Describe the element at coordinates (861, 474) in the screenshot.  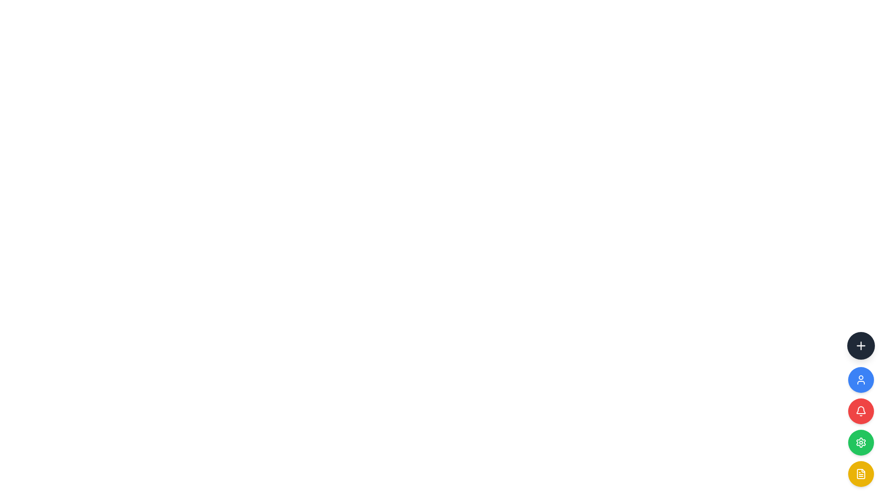
I see `the circular yellow button with a document icon at the bottom of the vertical stack of buttons` at that location.